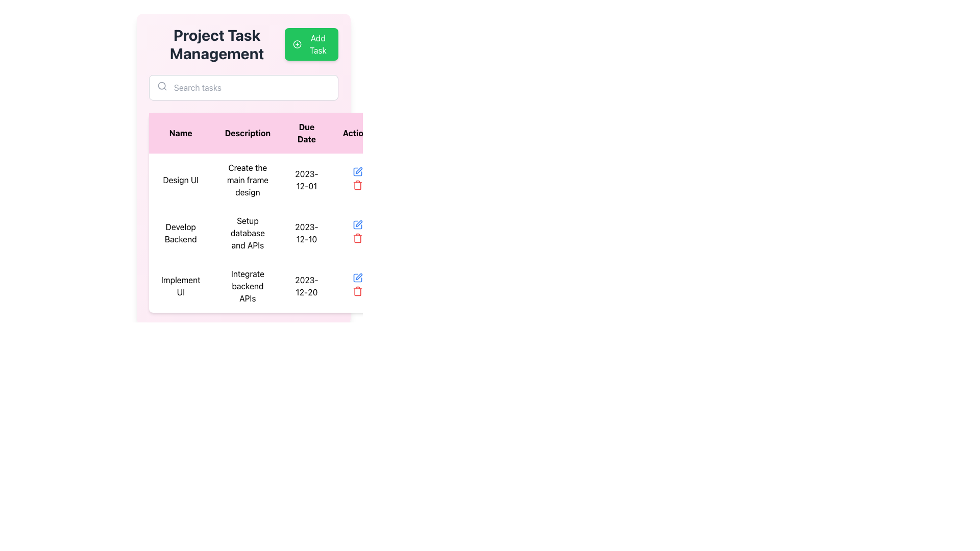  I want to click on the editing icon in the Actions column of the third row associated with the 'Implement UI' task, so click(357, 278).